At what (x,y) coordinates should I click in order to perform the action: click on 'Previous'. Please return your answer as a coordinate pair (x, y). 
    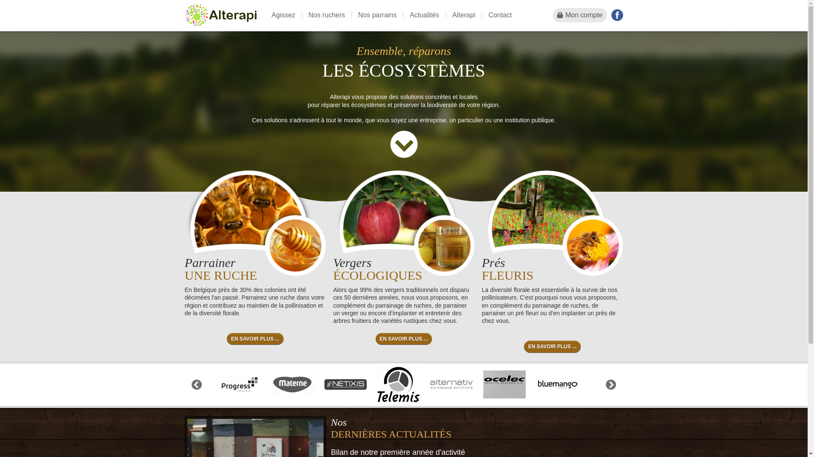
    Looking at the image, I should click on (196, 385).